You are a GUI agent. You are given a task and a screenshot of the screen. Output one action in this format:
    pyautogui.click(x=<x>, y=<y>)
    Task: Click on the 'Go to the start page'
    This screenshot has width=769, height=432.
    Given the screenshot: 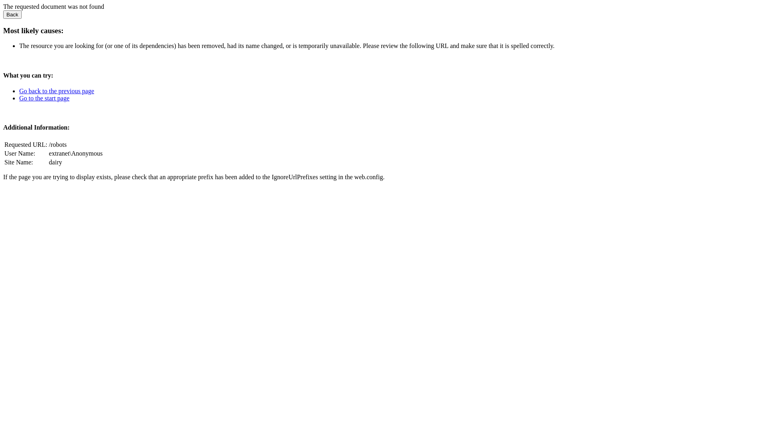 What is the action you would take?
    pyautogui.click(x=44, y=98)
    